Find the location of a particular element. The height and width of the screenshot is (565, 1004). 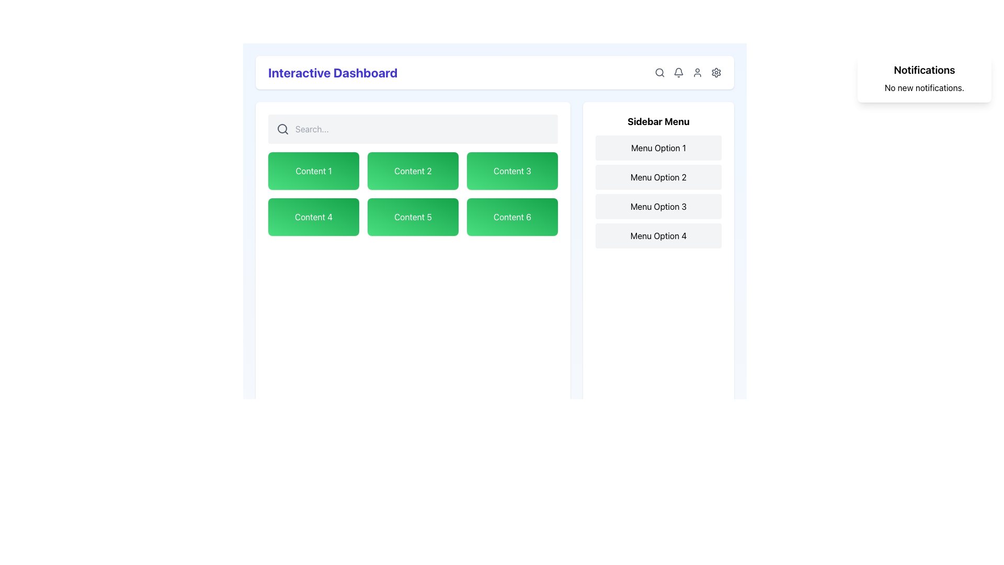

the fifth card element in the grid layout located in the second row and second column, positioned under the search bar is located at coordinates (413, 217).